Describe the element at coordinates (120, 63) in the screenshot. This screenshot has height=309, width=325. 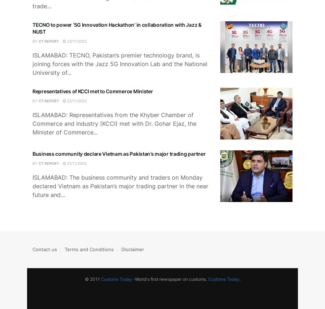
I see `'ISLAMABAD: TECNO, Pakistan’s premier technology brand, is joining forces with the Jazz 5G Innovation Lab and the National University of...'` at that location.